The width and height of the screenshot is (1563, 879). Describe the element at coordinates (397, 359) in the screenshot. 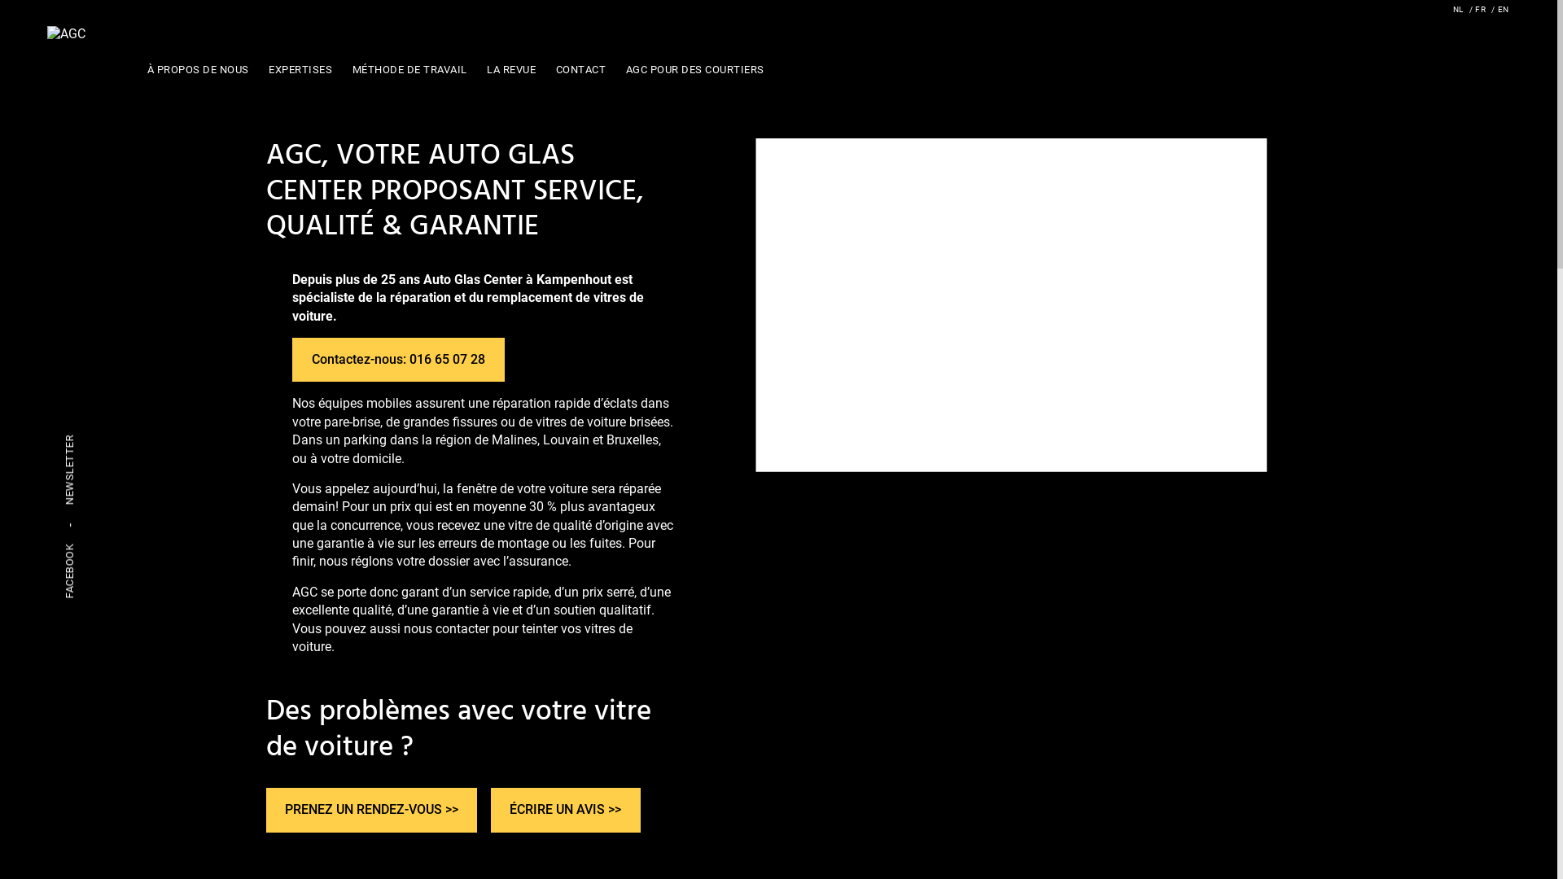

I see `'Contactez-nous: 016 65 07 28'` at that location.